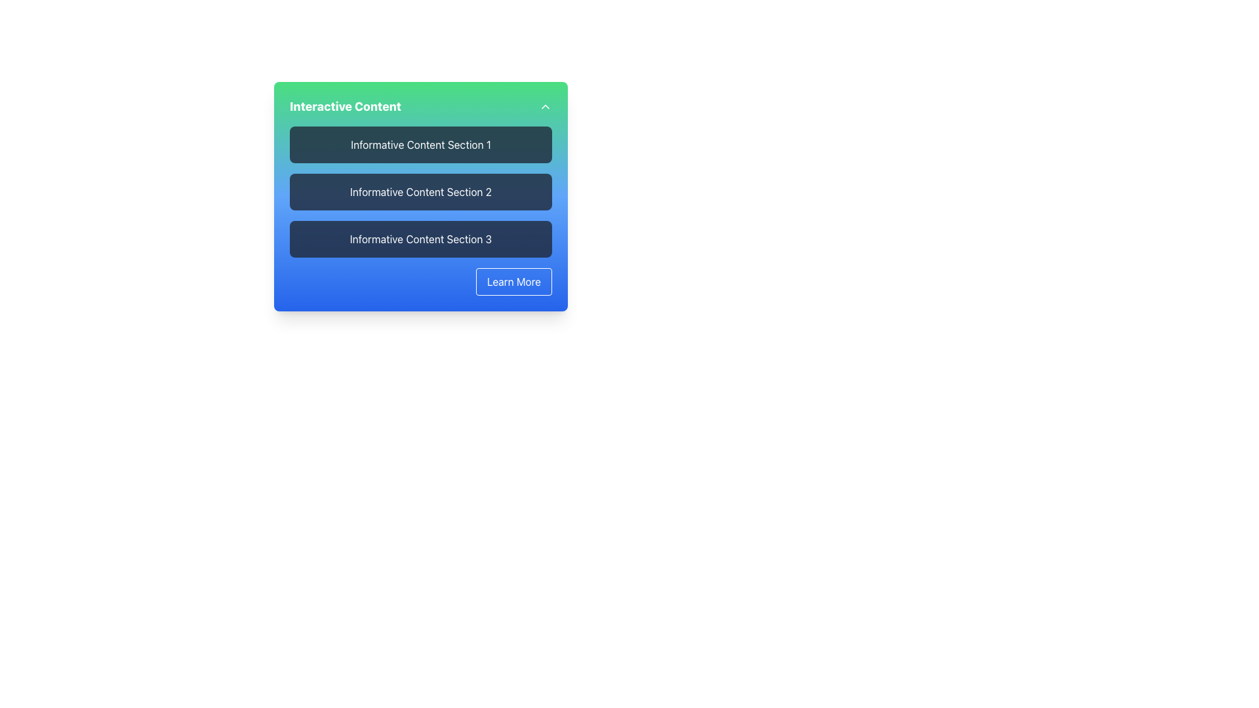 The image size is (1259, 708). What do you see at coordinates (545, 106) in the screenshot?
I see `the upward-facing chevron button located at the top-right corner of the 'Interactive Content' header` at bounding box center [545, 106].